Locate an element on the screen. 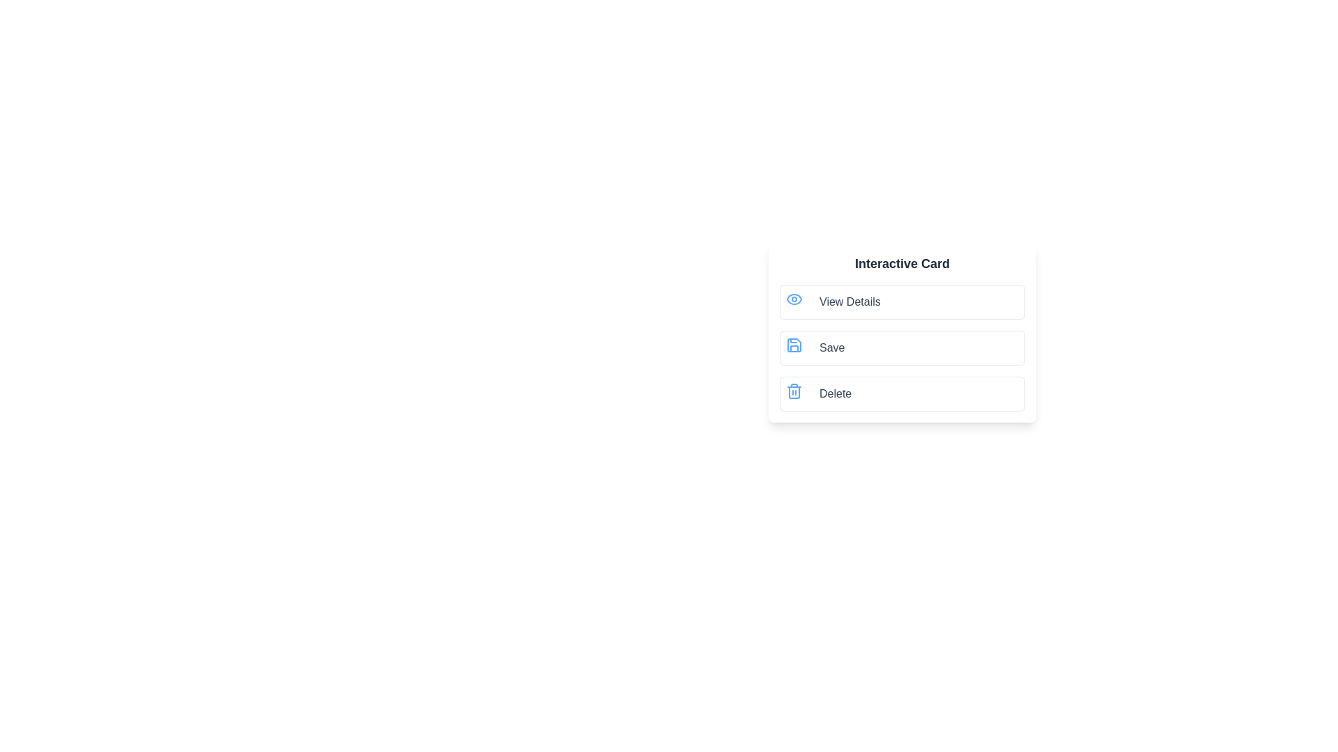 Image resolution: width=1338 pixels, height=752 pixels. the delete action icon, which is the third icon in a vertical list within a card layout is located at coordinates (794, 391).